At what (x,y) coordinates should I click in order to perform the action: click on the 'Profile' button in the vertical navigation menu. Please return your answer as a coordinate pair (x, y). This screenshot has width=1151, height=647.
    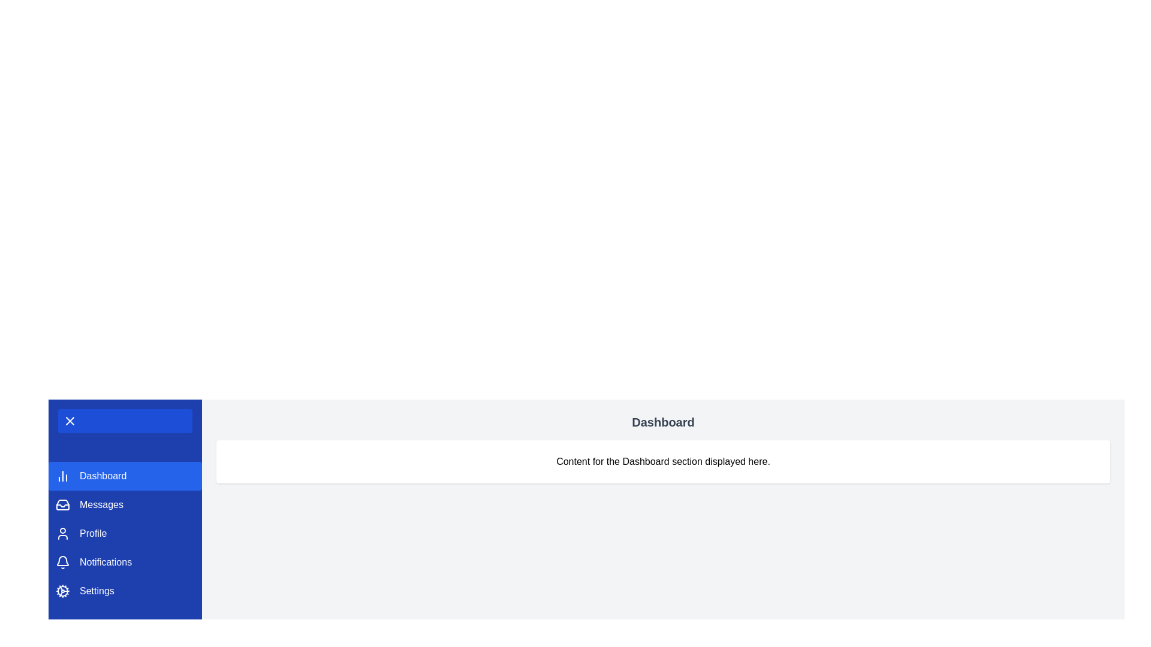
    Looking at the image, I should click on (125, 533).